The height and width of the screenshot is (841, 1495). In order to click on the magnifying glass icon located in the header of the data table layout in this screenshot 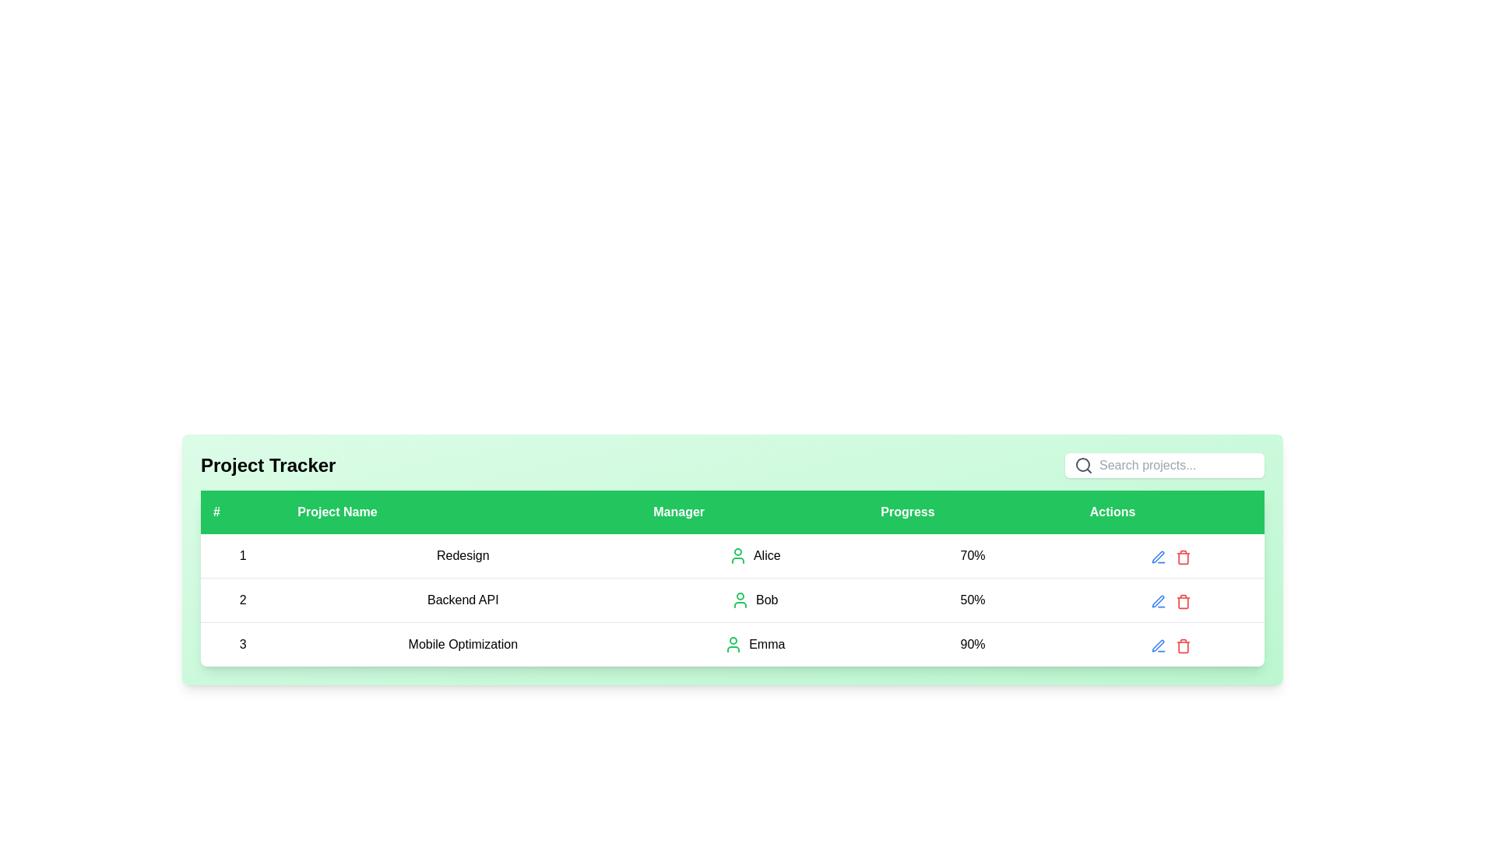, I will do `click(1083, 464)`.